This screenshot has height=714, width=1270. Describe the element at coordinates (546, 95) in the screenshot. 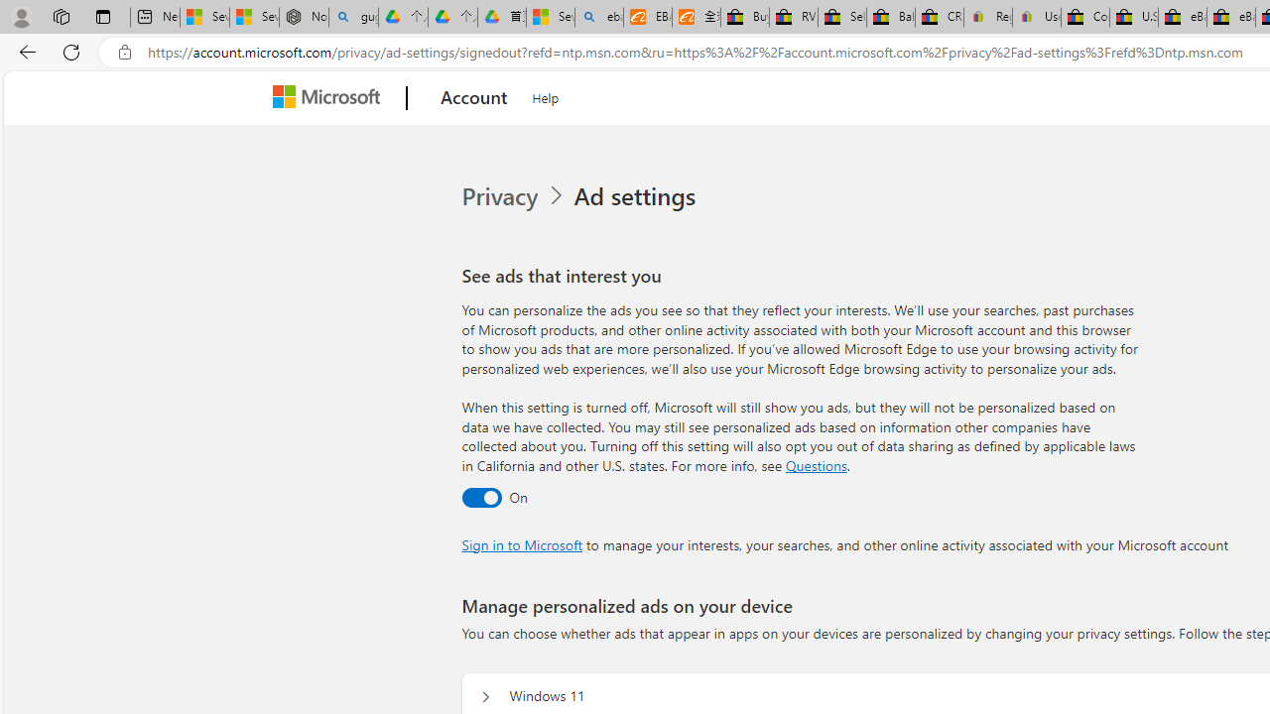

I see `'Help'` at that location.